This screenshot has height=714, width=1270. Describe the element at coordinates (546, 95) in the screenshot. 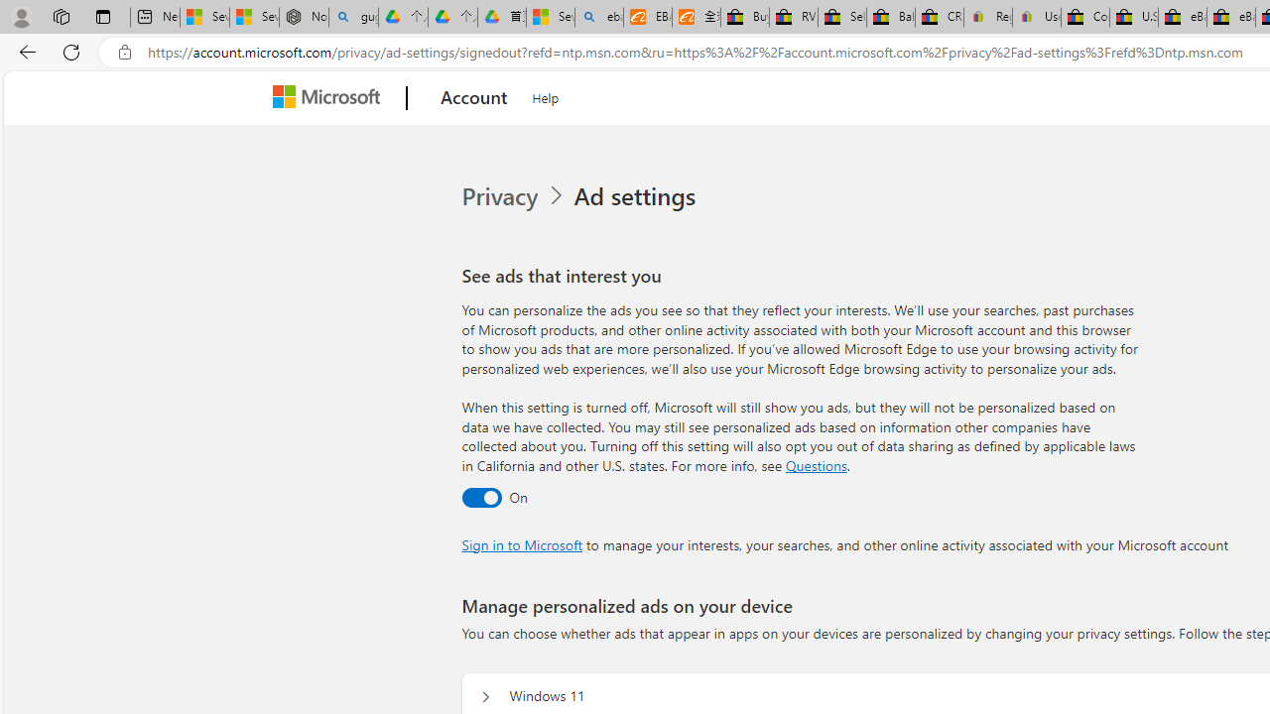

I see `'Help'` at that location.